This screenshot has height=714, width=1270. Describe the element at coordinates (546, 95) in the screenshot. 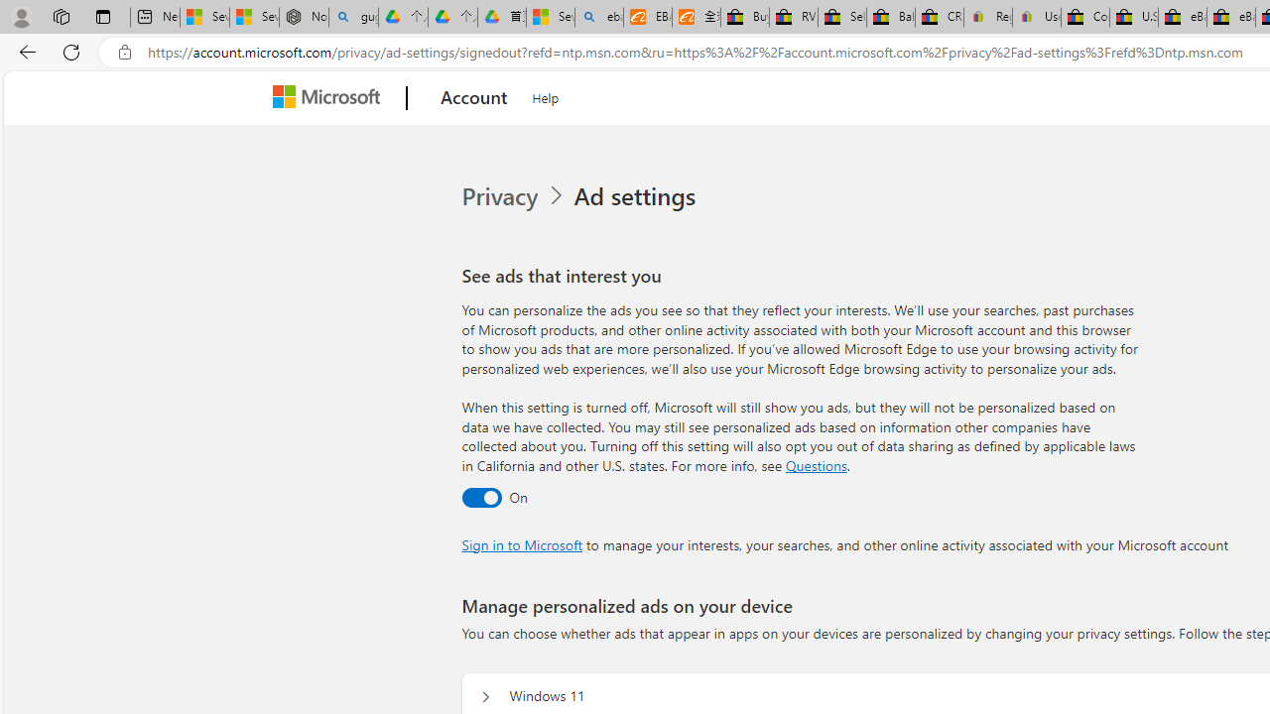

I see `'Help'` at that location.